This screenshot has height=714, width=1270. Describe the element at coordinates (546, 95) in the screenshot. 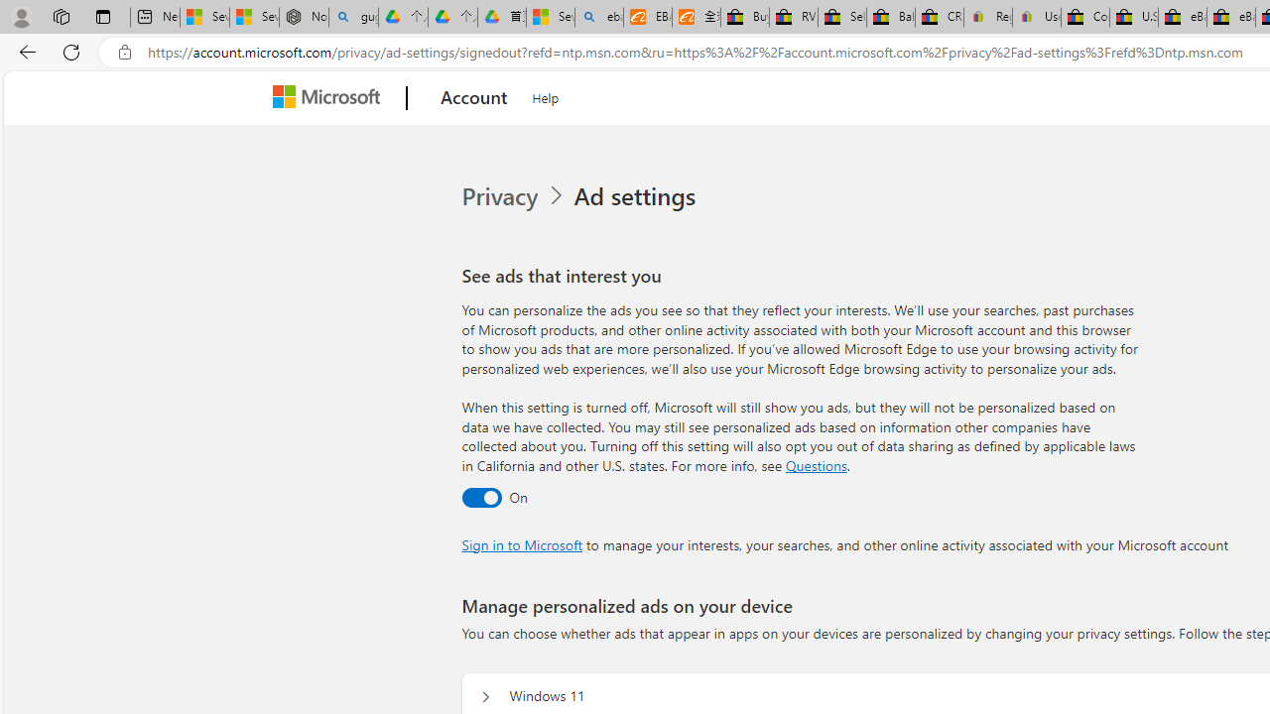

I see `'Help'` at that location.